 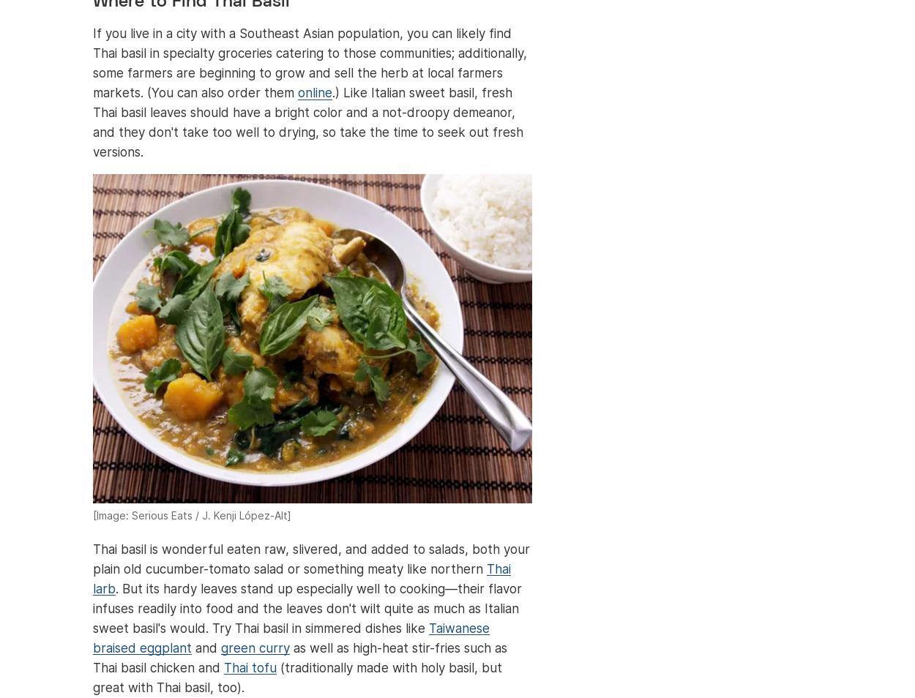 I want to click on 'Serious Eats / J. Kenji López-Alt', so click(x=209, y=514).